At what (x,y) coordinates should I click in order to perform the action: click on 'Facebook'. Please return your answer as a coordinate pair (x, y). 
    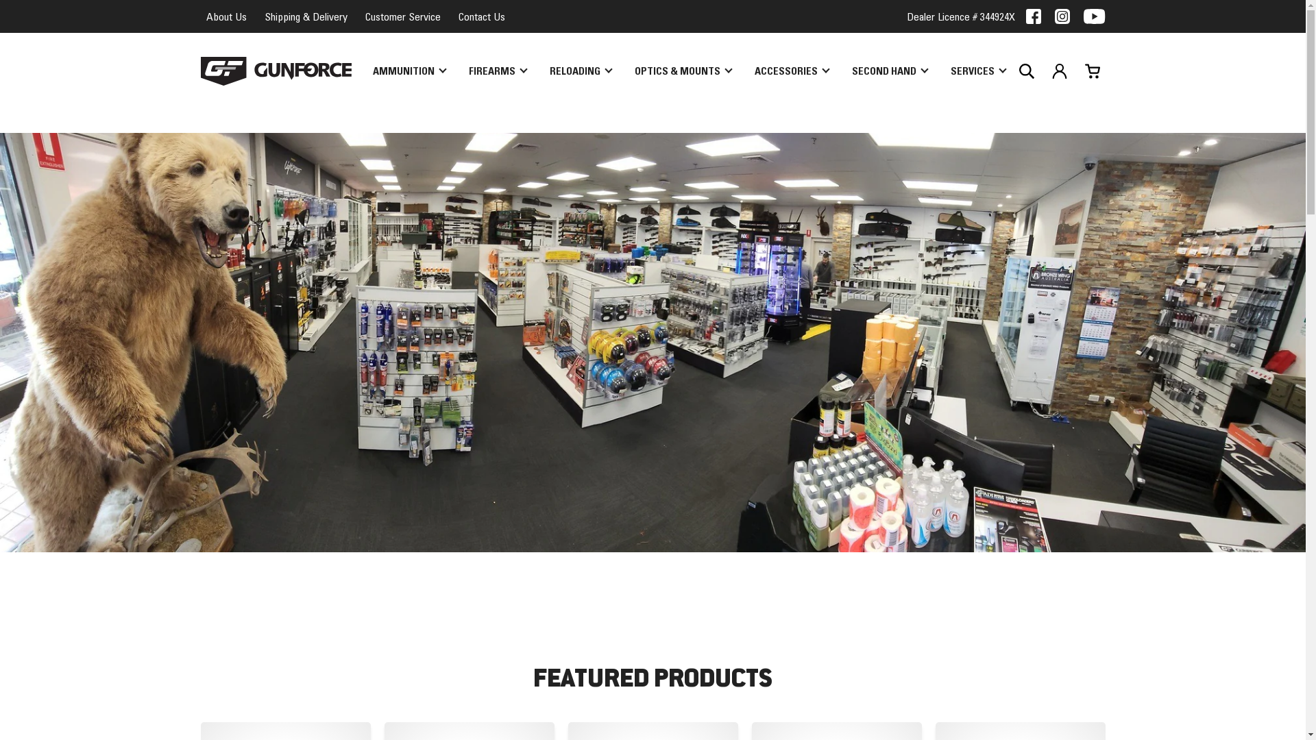
    Looking at the image, I should click on (1033, 16).